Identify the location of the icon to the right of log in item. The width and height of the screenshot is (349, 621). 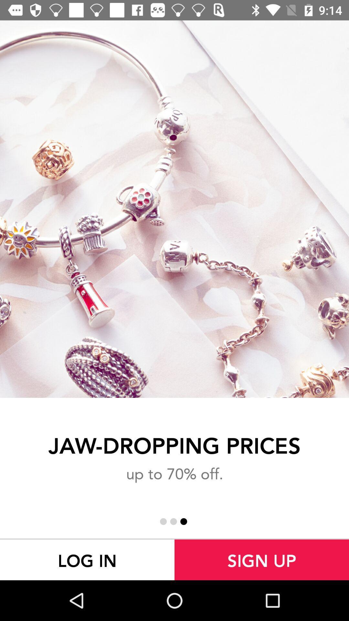
(262, 560).